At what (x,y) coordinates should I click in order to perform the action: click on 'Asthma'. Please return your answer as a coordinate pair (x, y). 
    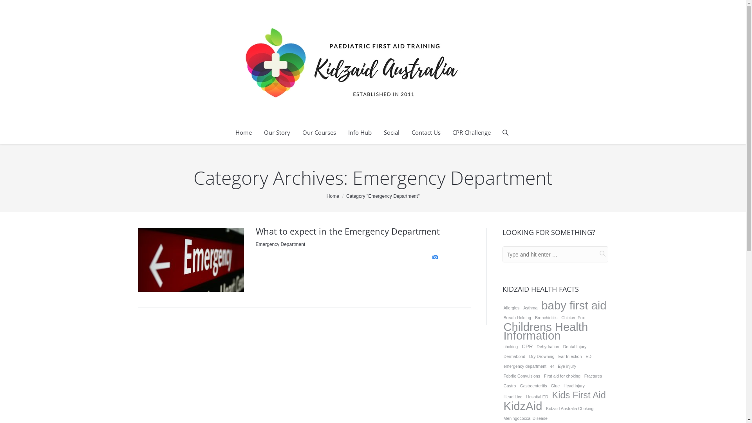
    Looking at the image, I should click on (530, 307).